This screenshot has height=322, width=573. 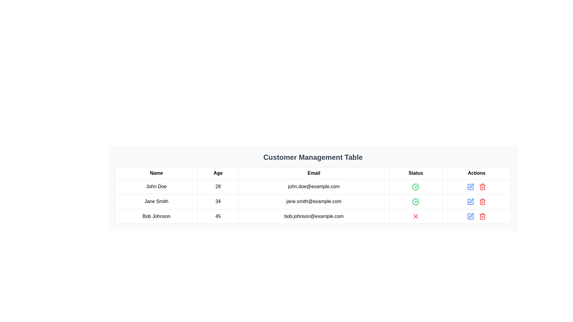 What do you see at coordinates (156, 173) in the screenshot?
I see `the 'Name' text label in the first column header of the table, which is styled with a table-like border and has a white background with black text` at bounding box center [156, 173].